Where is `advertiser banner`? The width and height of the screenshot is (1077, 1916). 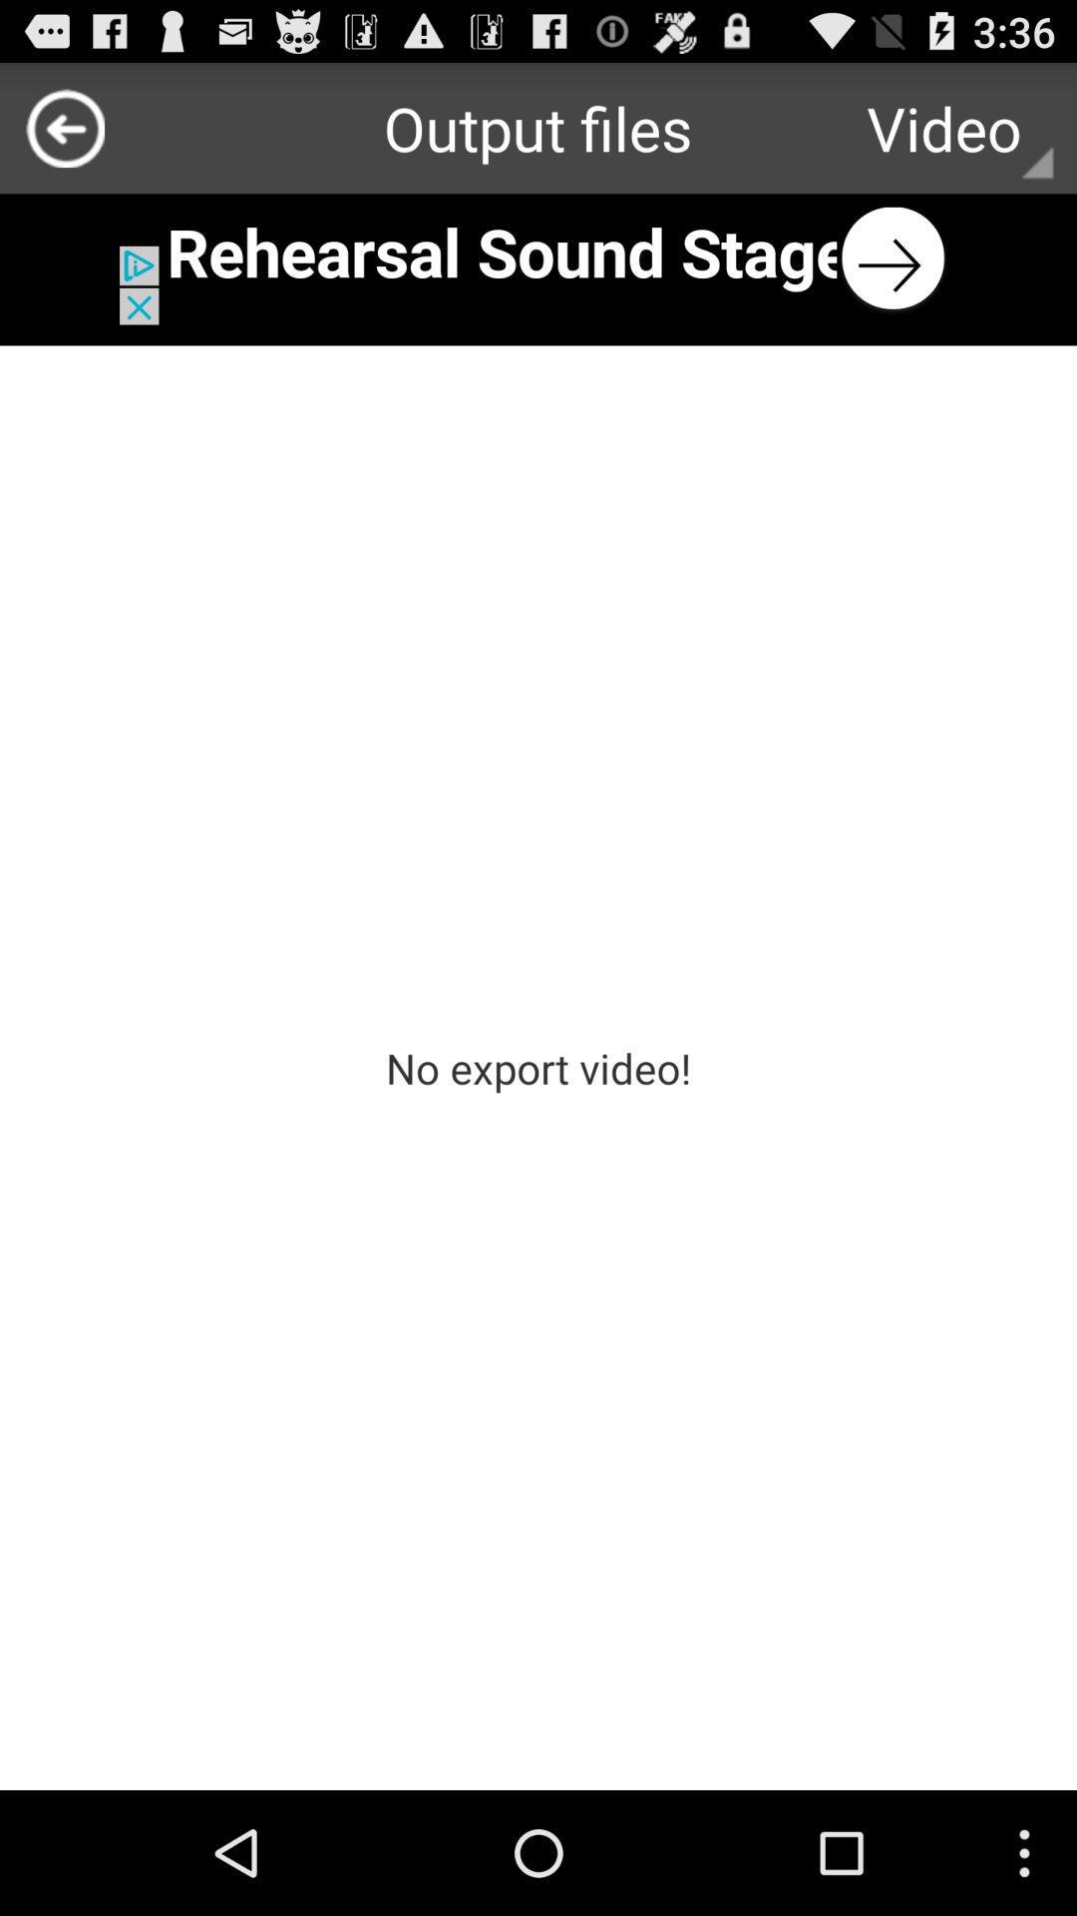 advertiser banner is located at coordinates (538, 257).